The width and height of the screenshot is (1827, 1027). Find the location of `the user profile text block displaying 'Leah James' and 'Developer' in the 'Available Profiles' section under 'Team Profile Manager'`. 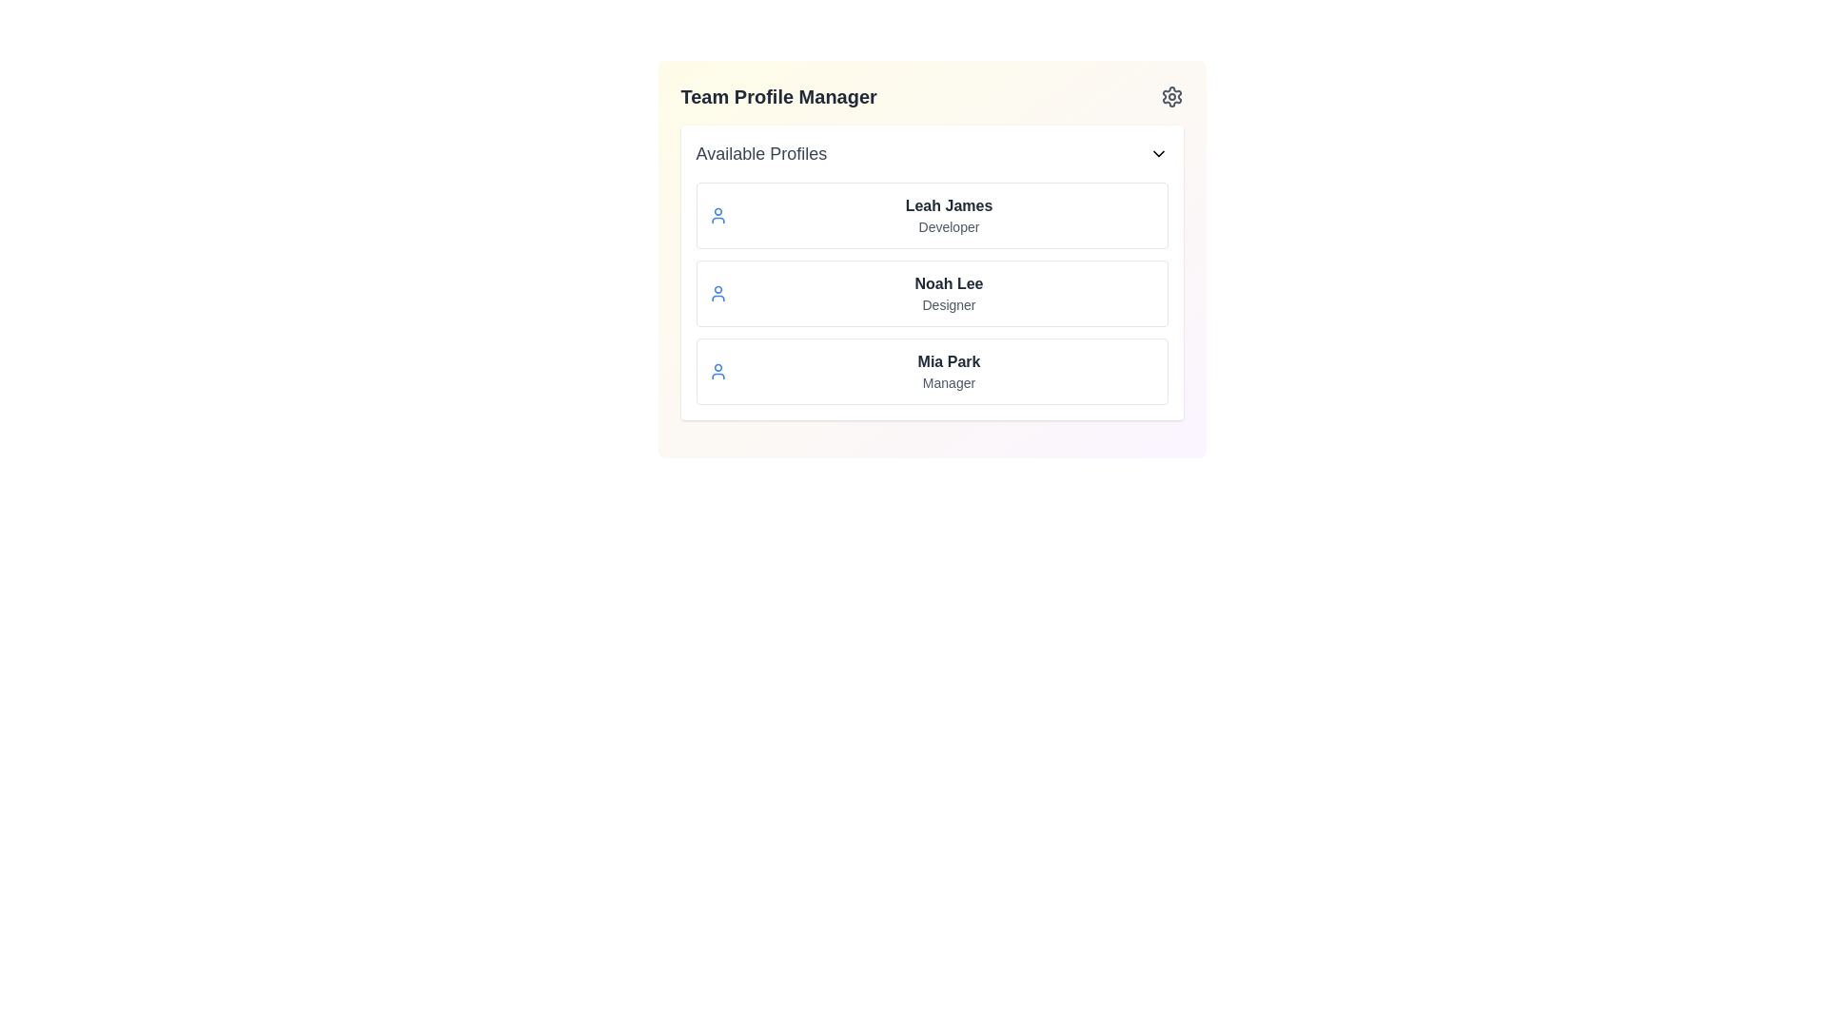

the user profile text block displaying 'Leah James' and 'Developer' in the 'Available Profiles' section under 'Team Profile Manager' is located at coordinates (949, 215).